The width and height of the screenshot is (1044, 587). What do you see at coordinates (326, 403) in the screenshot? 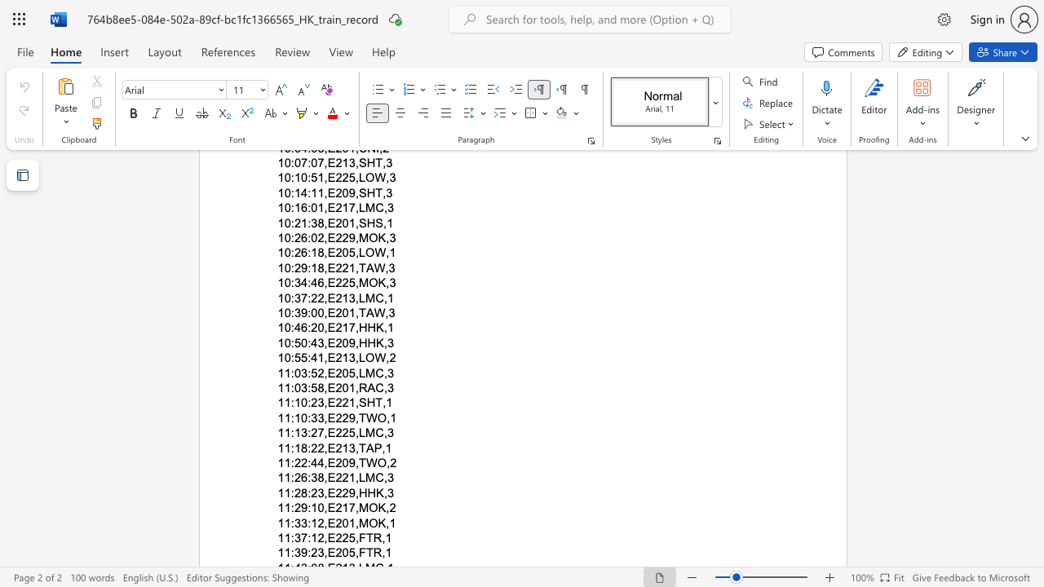
I see `the subset text "E221,SHT," within the text "11:10:23,E221,SHT,1"` at bounding box center [326, 403].